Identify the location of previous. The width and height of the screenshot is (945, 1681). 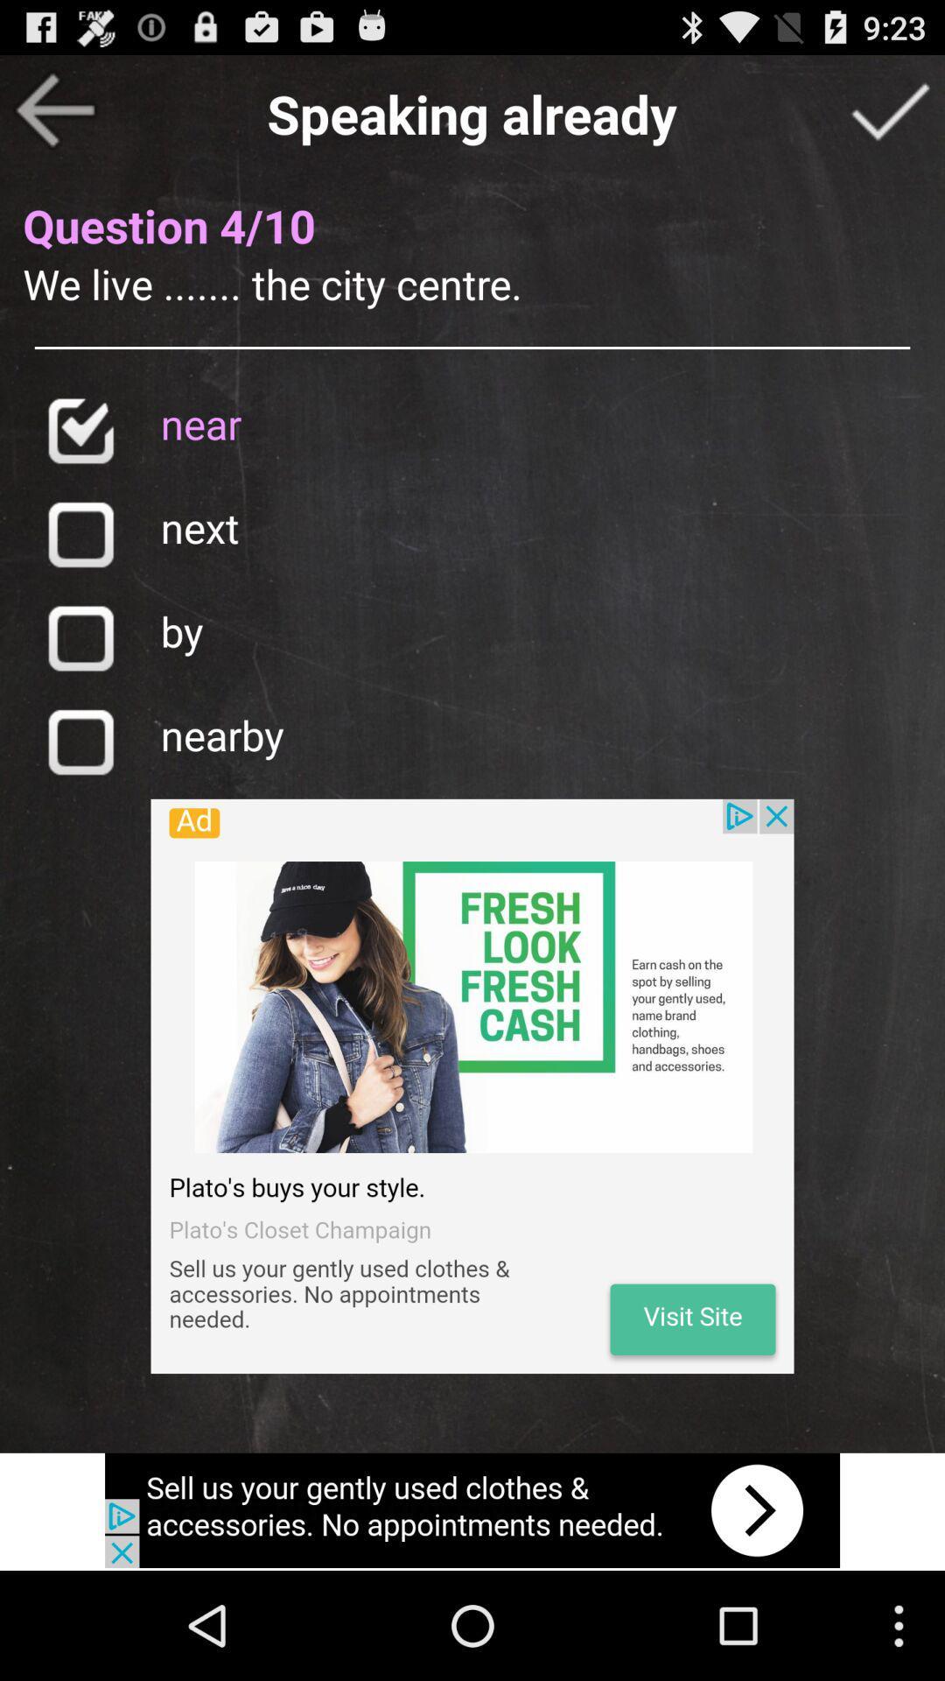
(53, 109).